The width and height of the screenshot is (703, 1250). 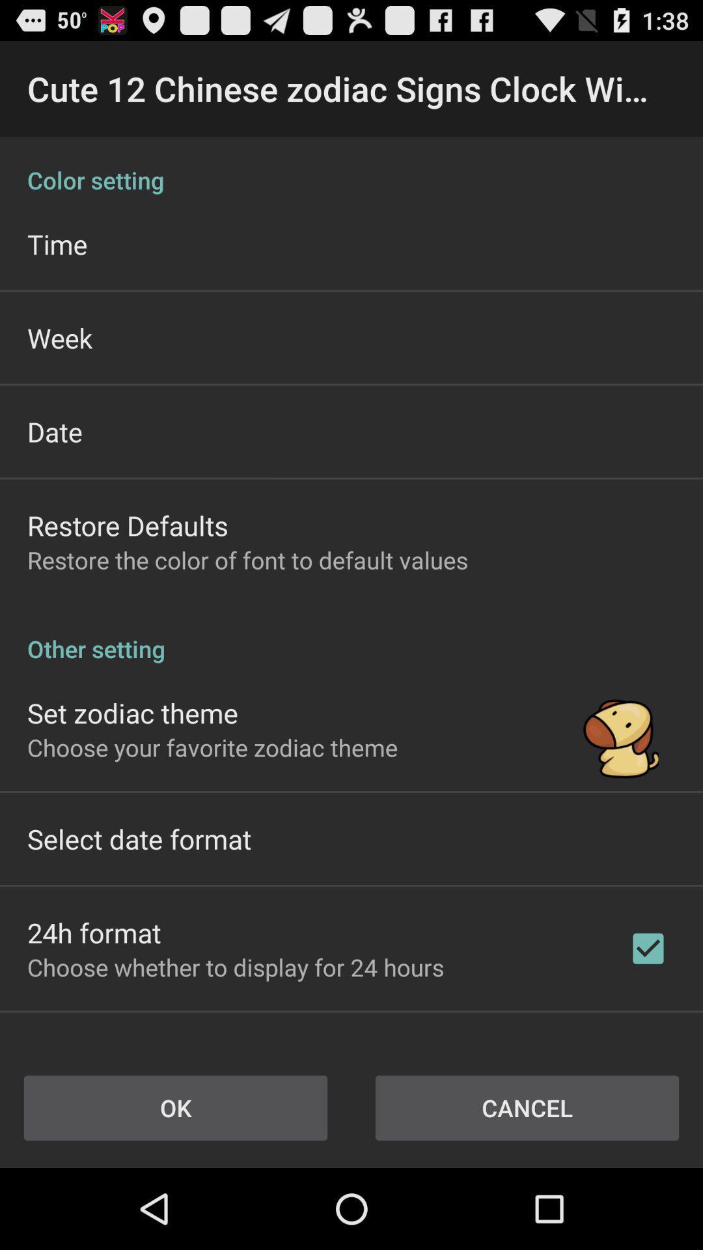 I want to click on the ok item, so click(x=176, y=1107).